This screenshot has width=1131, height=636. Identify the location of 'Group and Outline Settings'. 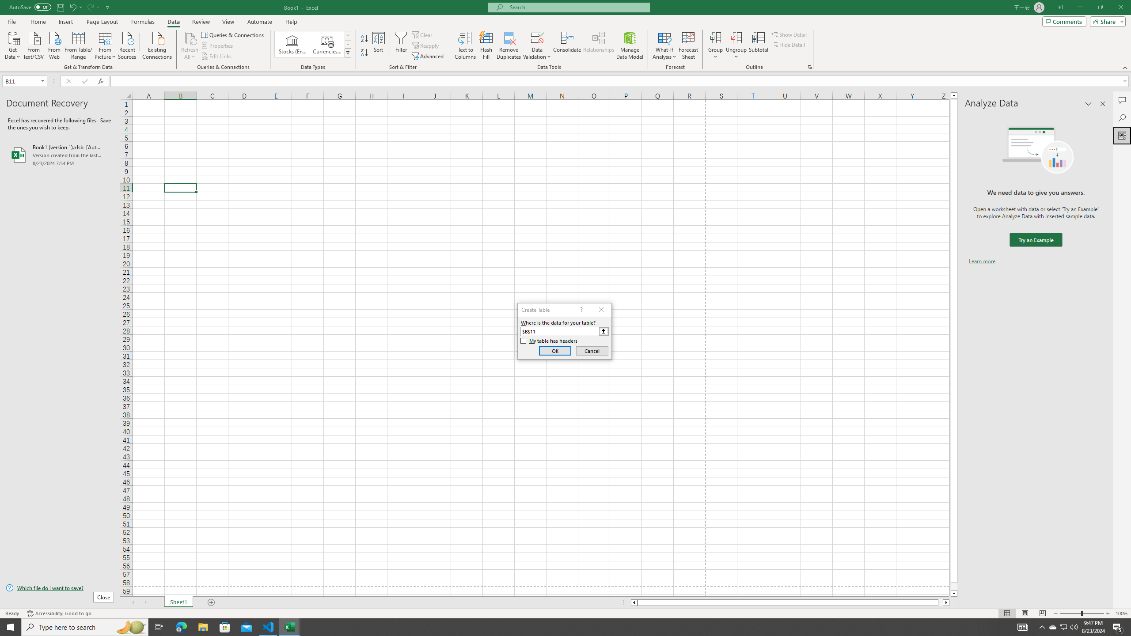
(809, 66).